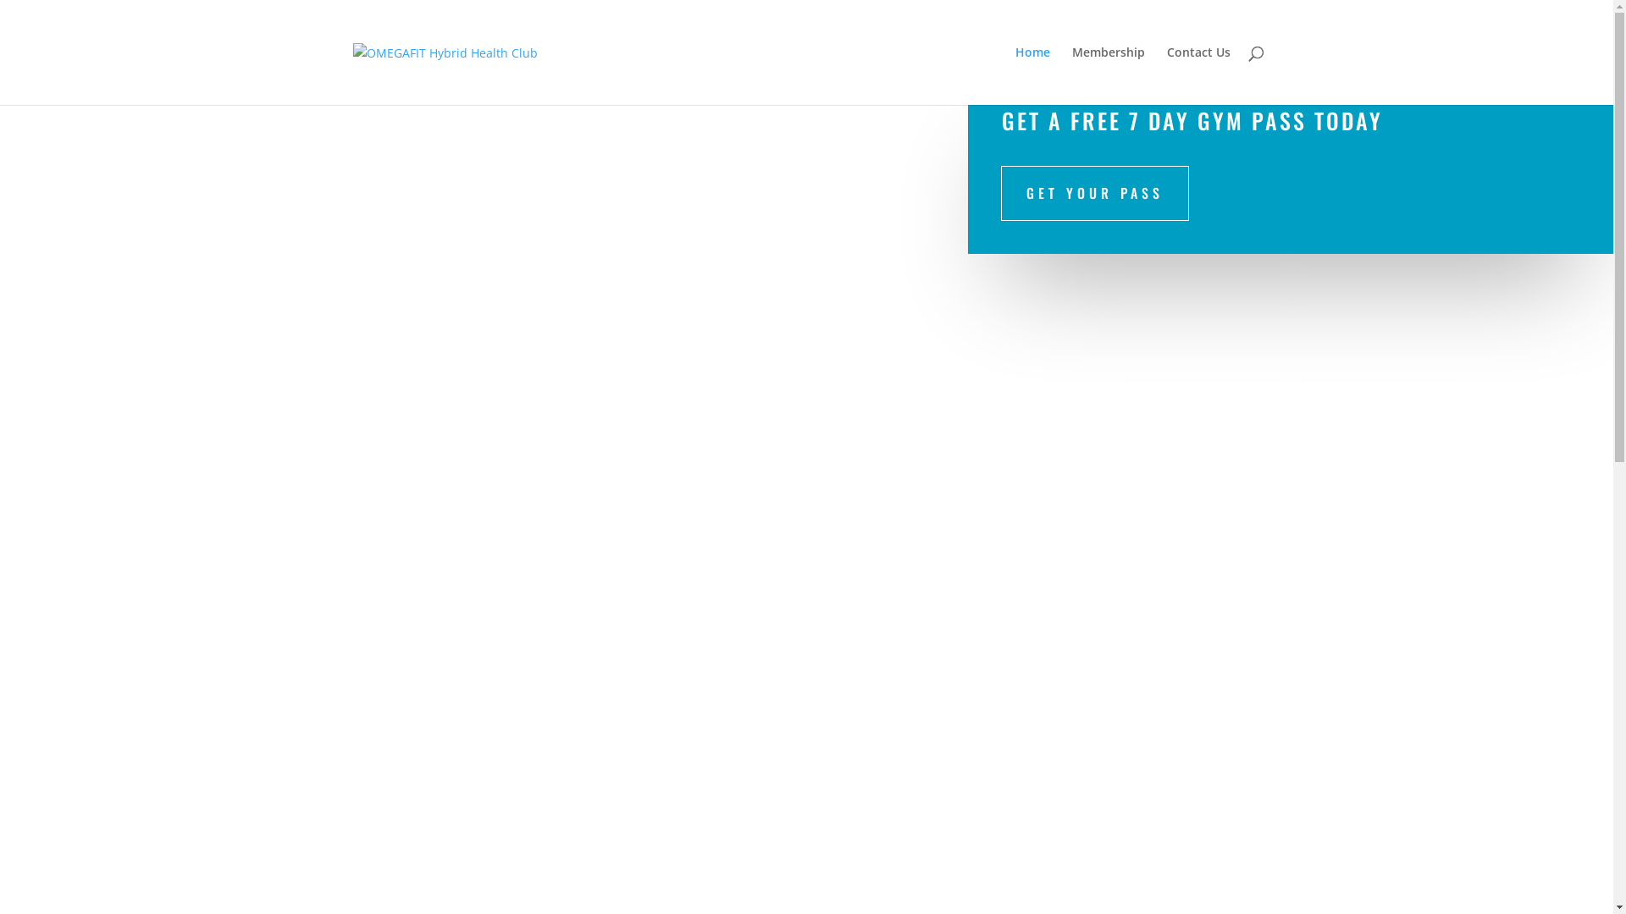  What do you see at coordinates (1094, 192) in the screenshot?
I see `'GET YOUR PASS'` at bounding box center [1094, 192].